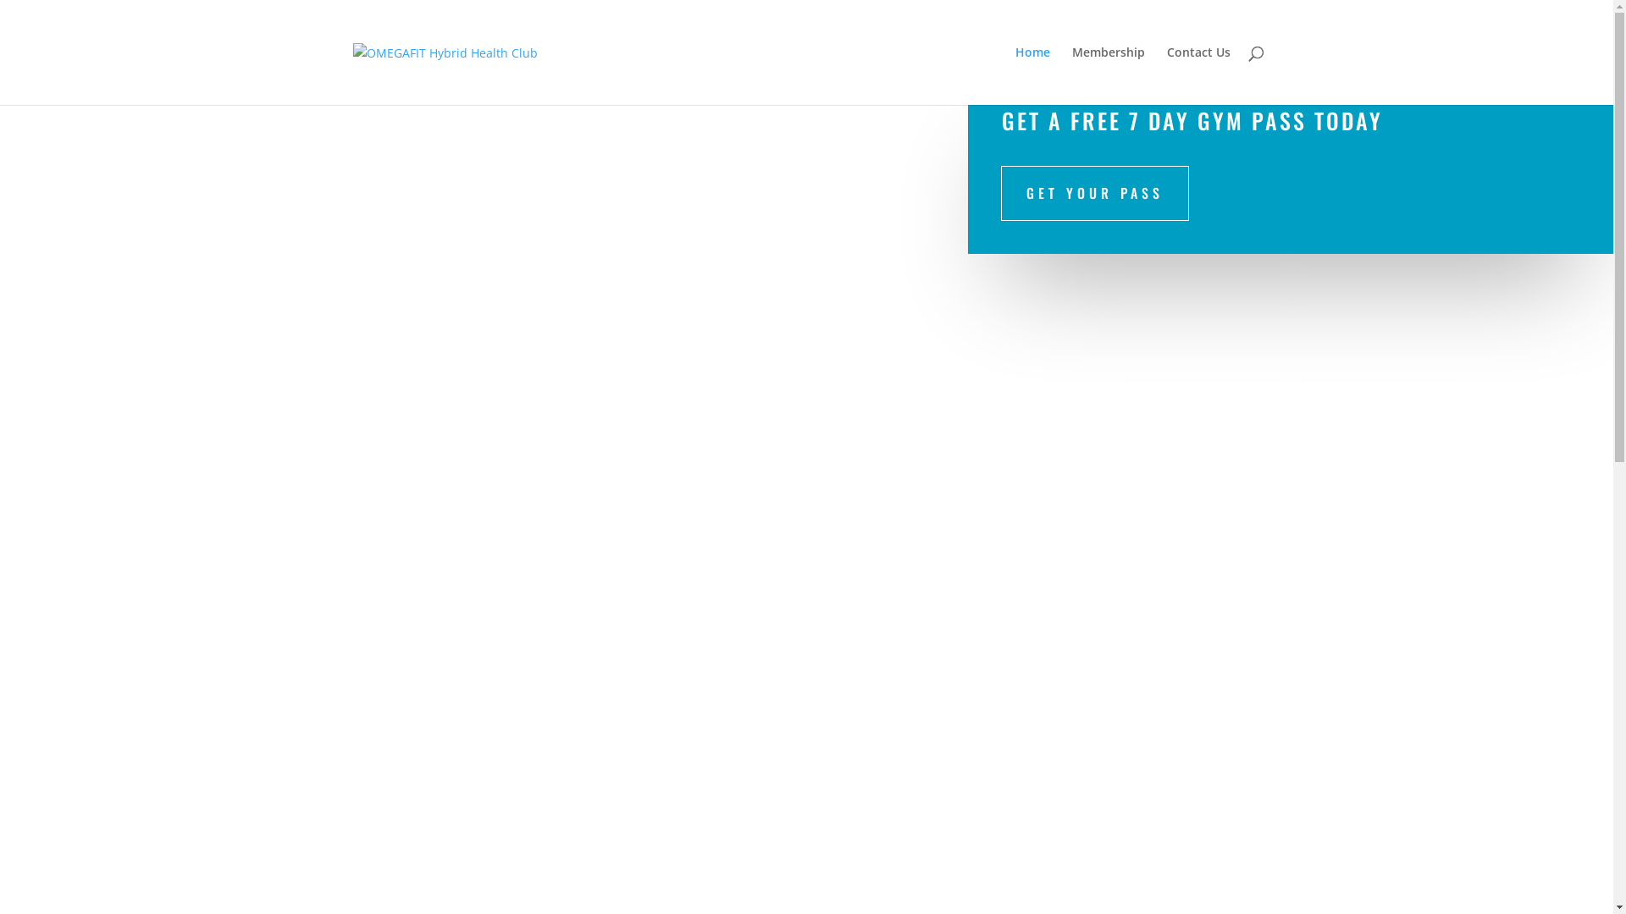  What do you see at coordinates (1094, 192) in the screenshot?
I see `'GET YOUR PASS'` at bounding box center [1094, 192].